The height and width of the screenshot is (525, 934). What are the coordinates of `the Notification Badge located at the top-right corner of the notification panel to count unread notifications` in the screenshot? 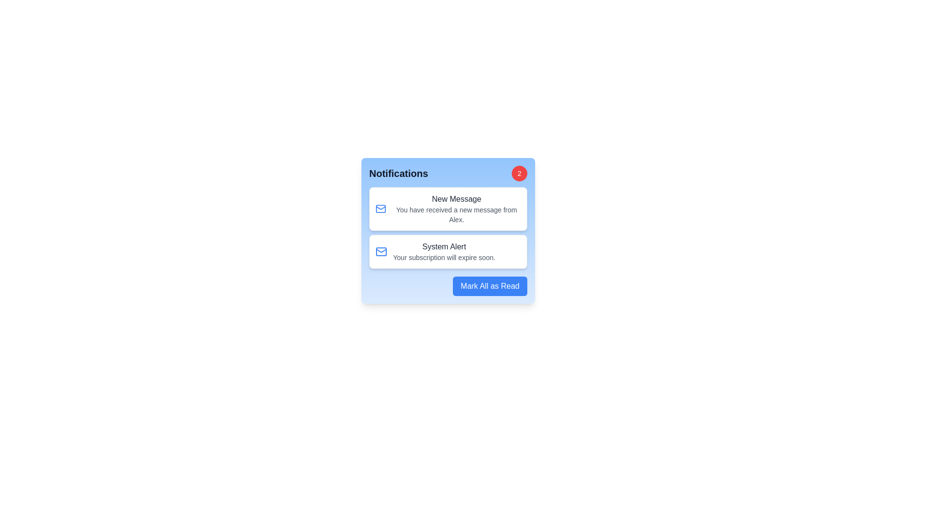 It's located at (519, 173).